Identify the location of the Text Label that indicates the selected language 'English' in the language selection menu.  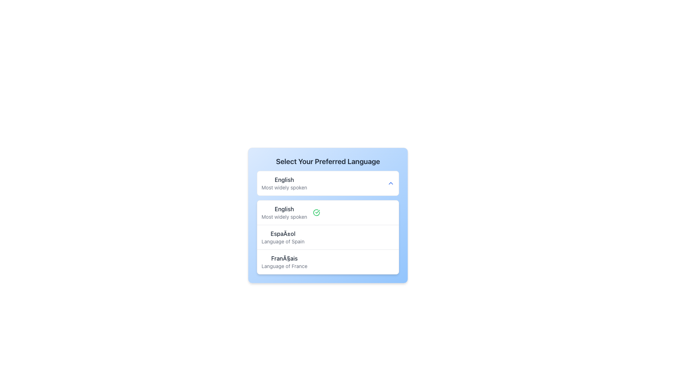
(284, 179).